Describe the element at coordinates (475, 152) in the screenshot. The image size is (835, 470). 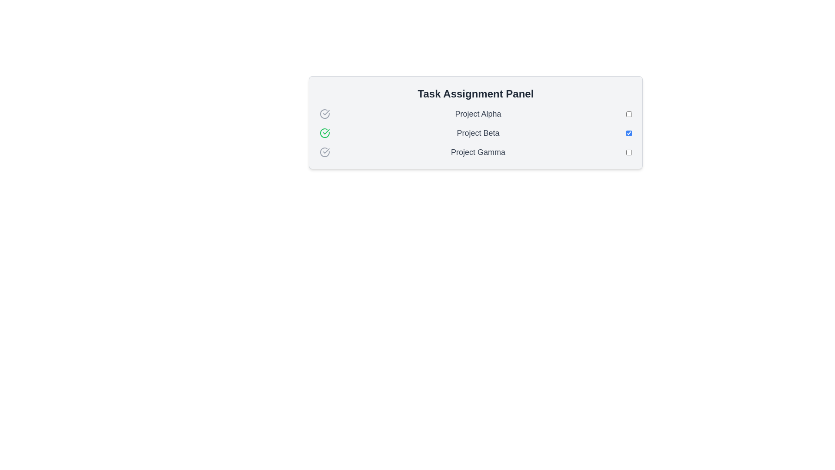
I see `the 'Project Gamma' task list item in the 'Task Assignment Panel'` at that location.